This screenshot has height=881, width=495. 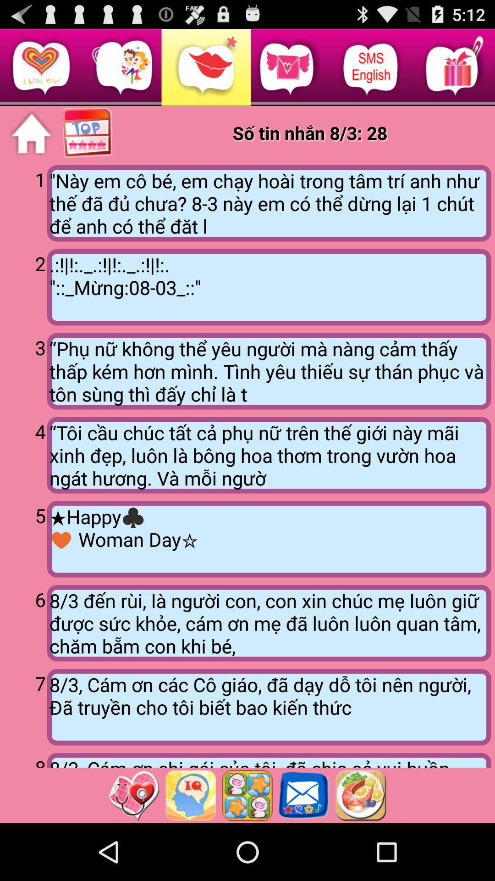 I want to click on love messages, so click(x=304, y=795).